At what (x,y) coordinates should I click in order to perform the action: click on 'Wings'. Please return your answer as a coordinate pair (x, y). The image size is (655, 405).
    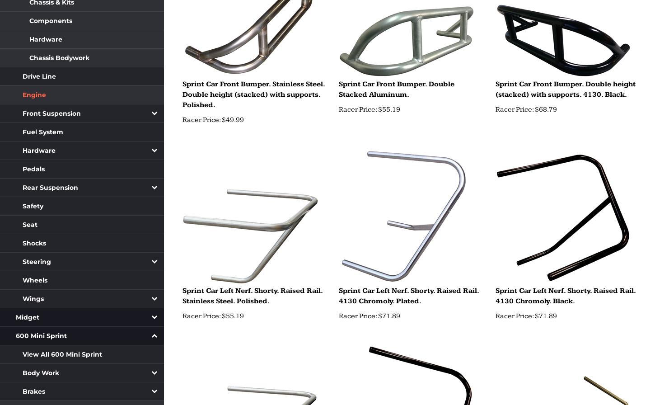
    Looking at the image, I should click on (33, 298).